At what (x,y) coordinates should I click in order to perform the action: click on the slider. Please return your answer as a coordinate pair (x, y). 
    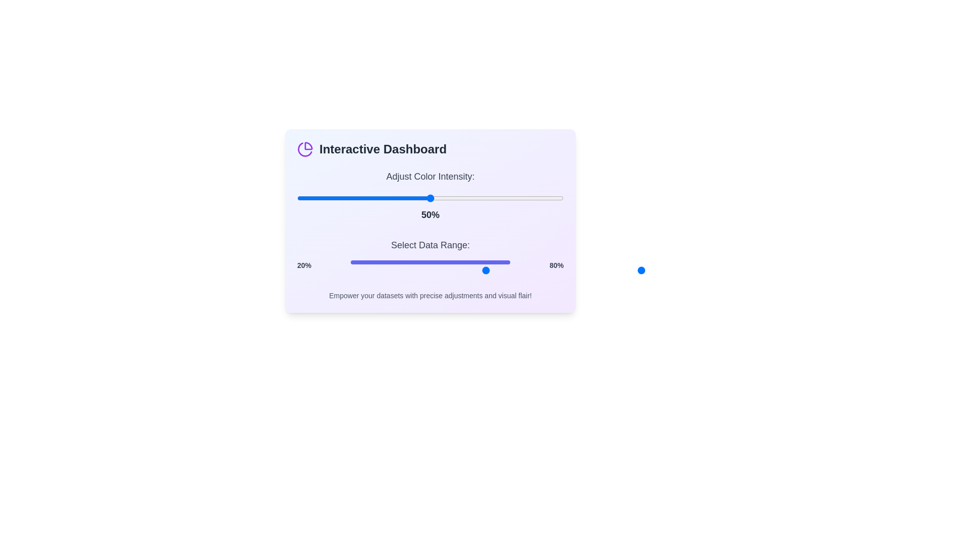
    Looking at the image, I should click on (510, 270).